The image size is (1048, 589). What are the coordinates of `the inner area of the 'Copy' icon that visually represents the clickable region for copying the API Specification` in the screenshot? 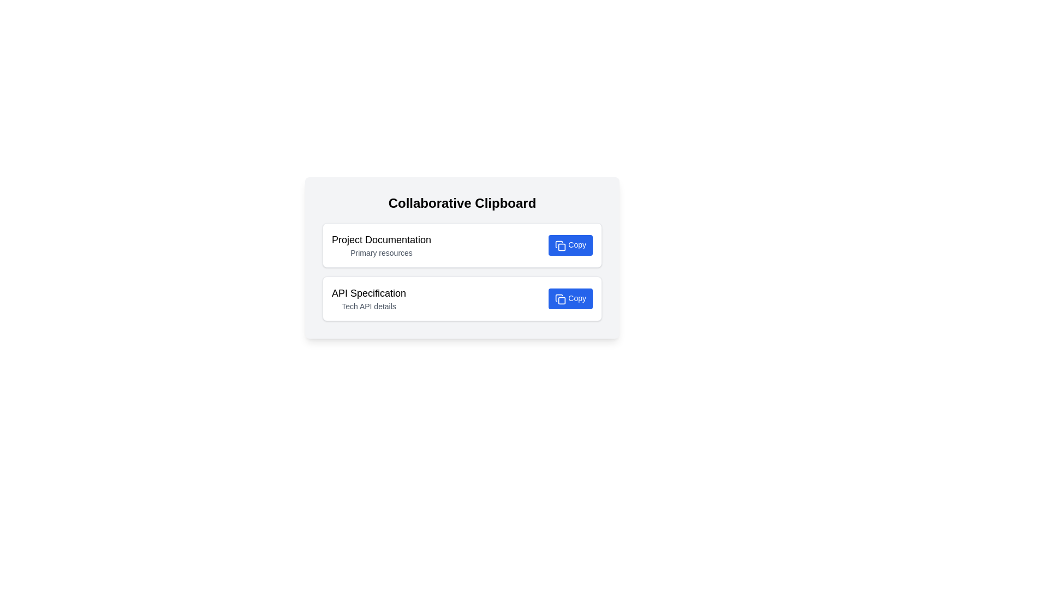 It's located at (562, 300).